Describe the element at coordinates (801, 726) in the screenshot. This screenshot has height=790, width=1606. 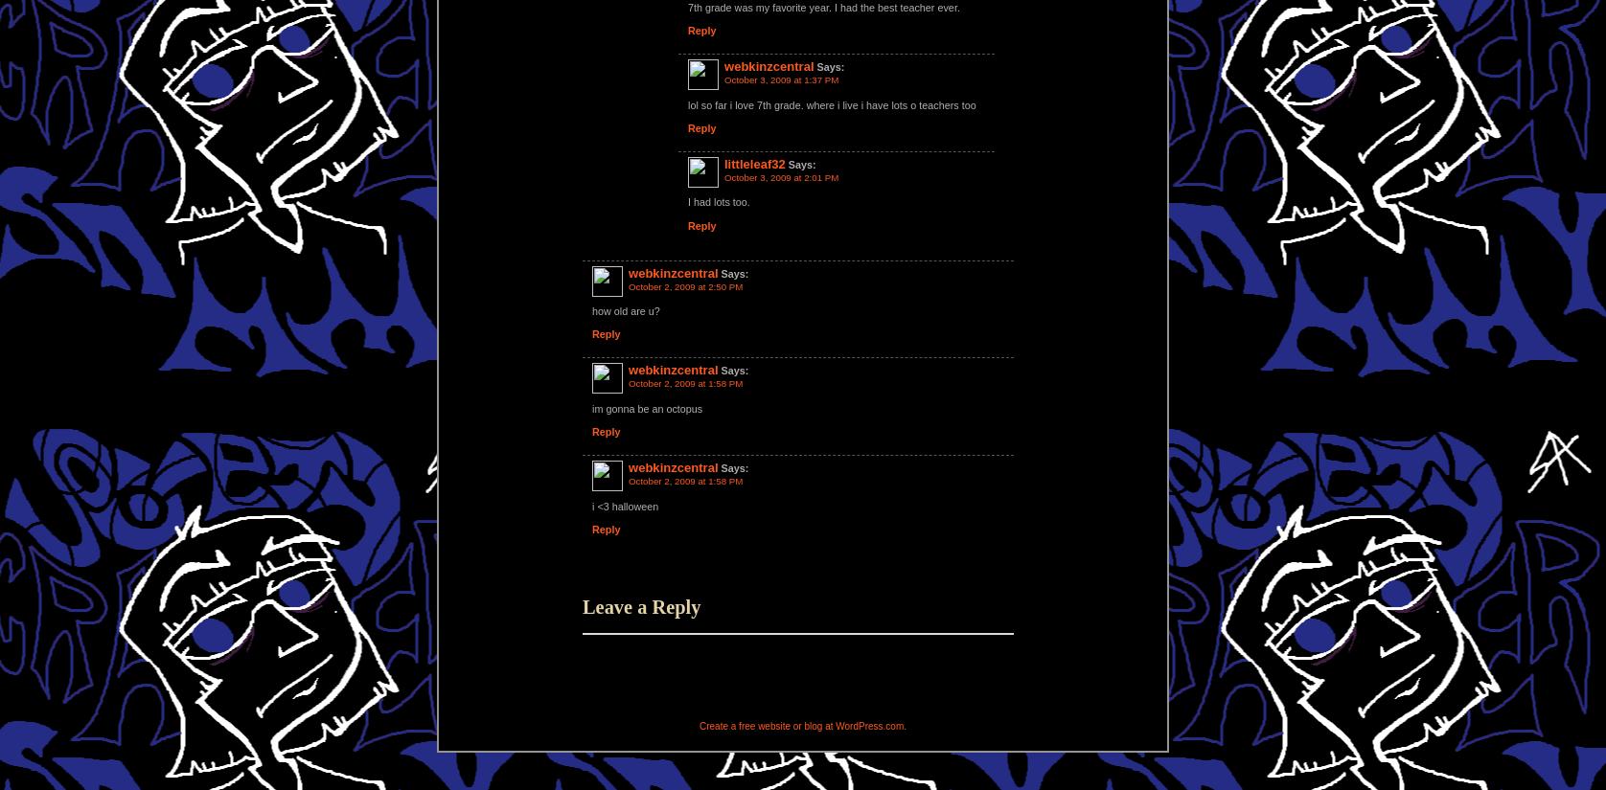
I see `'Create a free website or blog at WordPress.com.'` at that location.